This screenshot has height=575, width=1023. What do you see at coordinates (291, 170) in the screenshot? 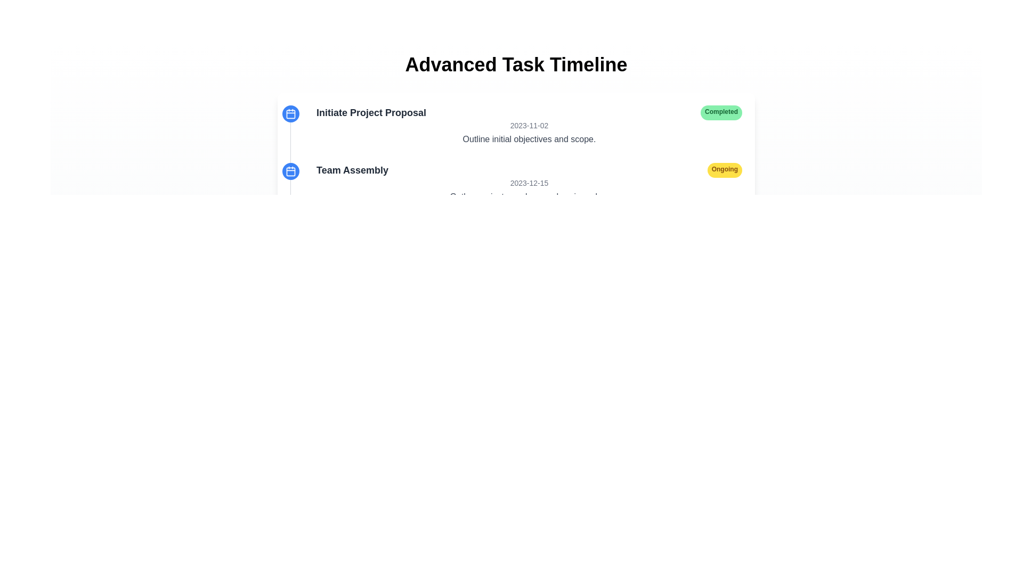
I see `the date or scheduling icon for the 'Team Assembly' task, which is located to the left of the text 'Team Assembly'` at bounding box center [291, 170].